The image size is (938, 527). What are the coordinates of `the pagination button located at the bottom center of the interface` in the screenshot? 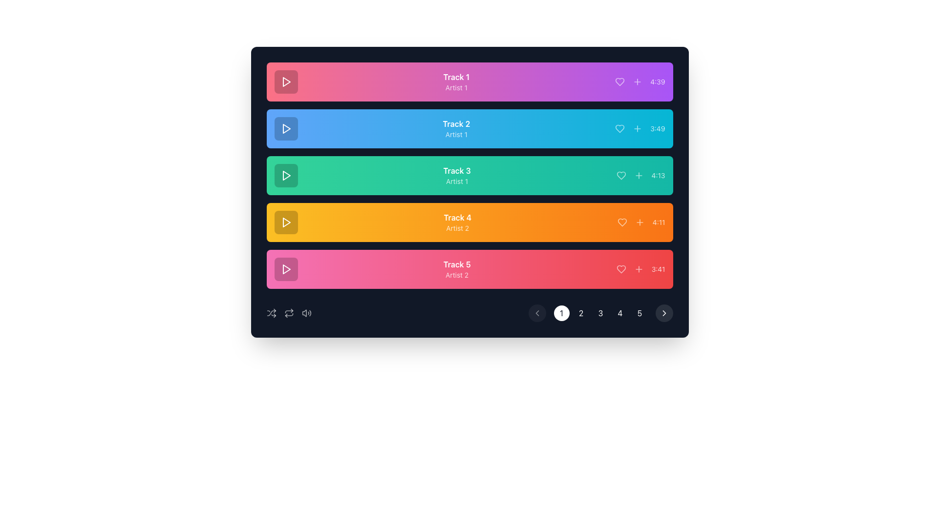 It's located at (581, 313).